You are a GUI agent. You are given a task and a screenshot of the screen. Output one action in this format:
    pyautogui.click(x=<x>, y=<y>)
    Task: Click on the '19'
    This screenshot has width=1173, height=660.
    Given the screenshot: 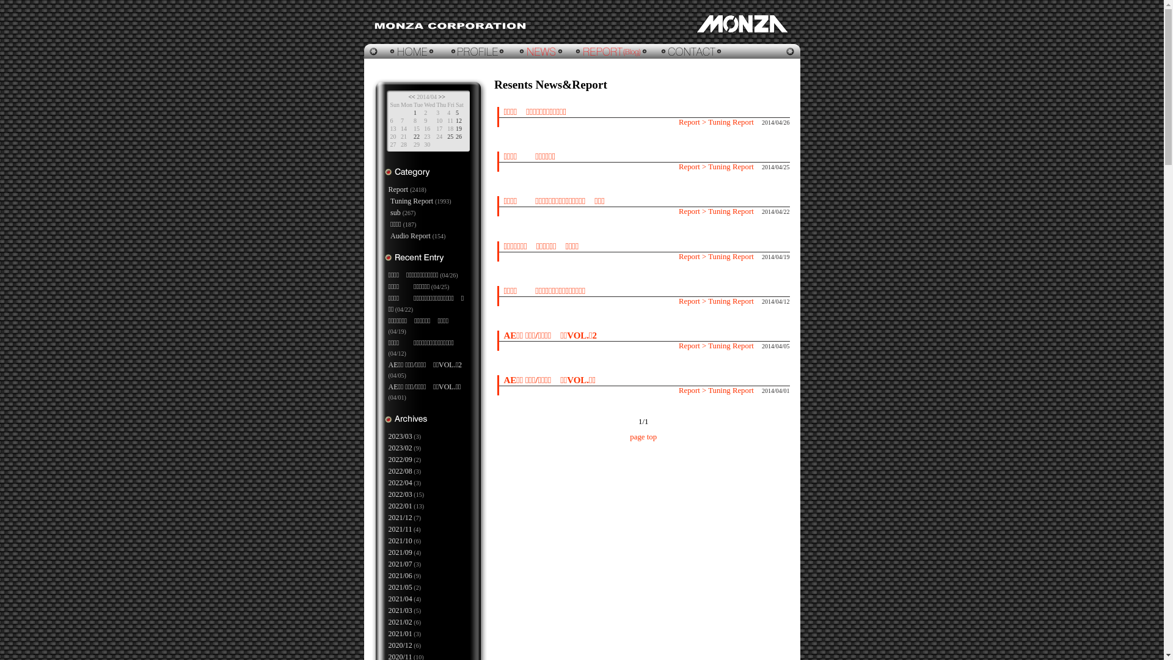 What is the action you would take?
    pyautogui.click(x=458, y=128)
    